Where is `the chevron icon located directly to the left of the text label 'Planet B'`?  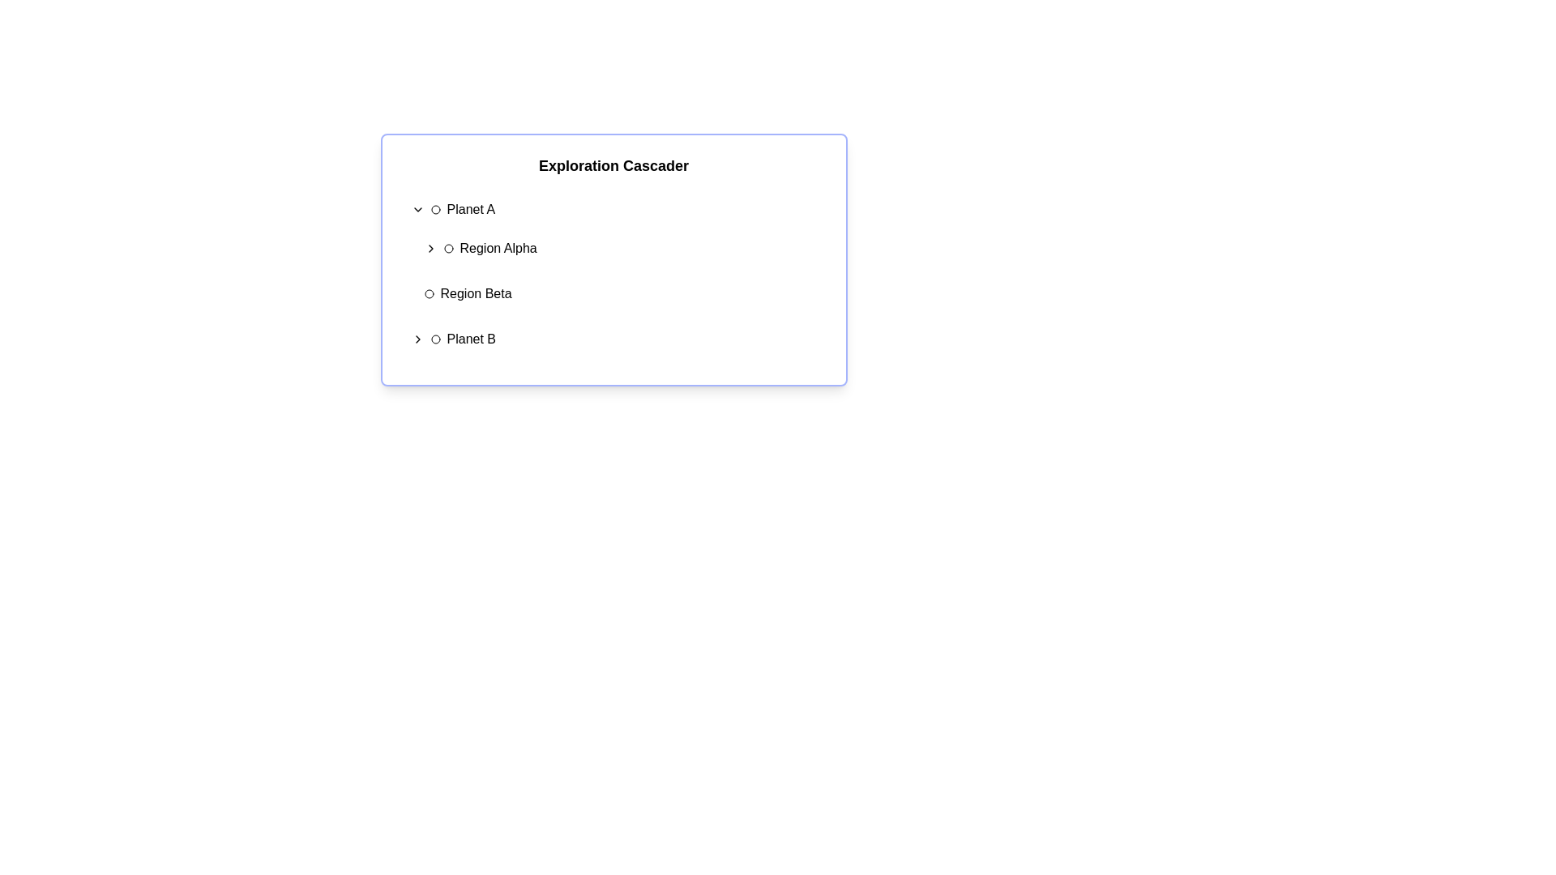
the chevron icon located directly to the left of the text label 'Planet B' is located at coordinates (417, 339).